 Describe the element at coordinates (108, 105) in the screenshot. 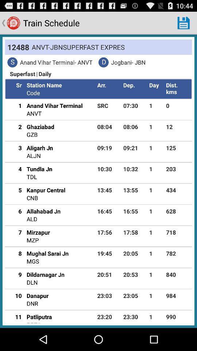

I see `the icon to the right of the anand vihar terminal icon` at that location.